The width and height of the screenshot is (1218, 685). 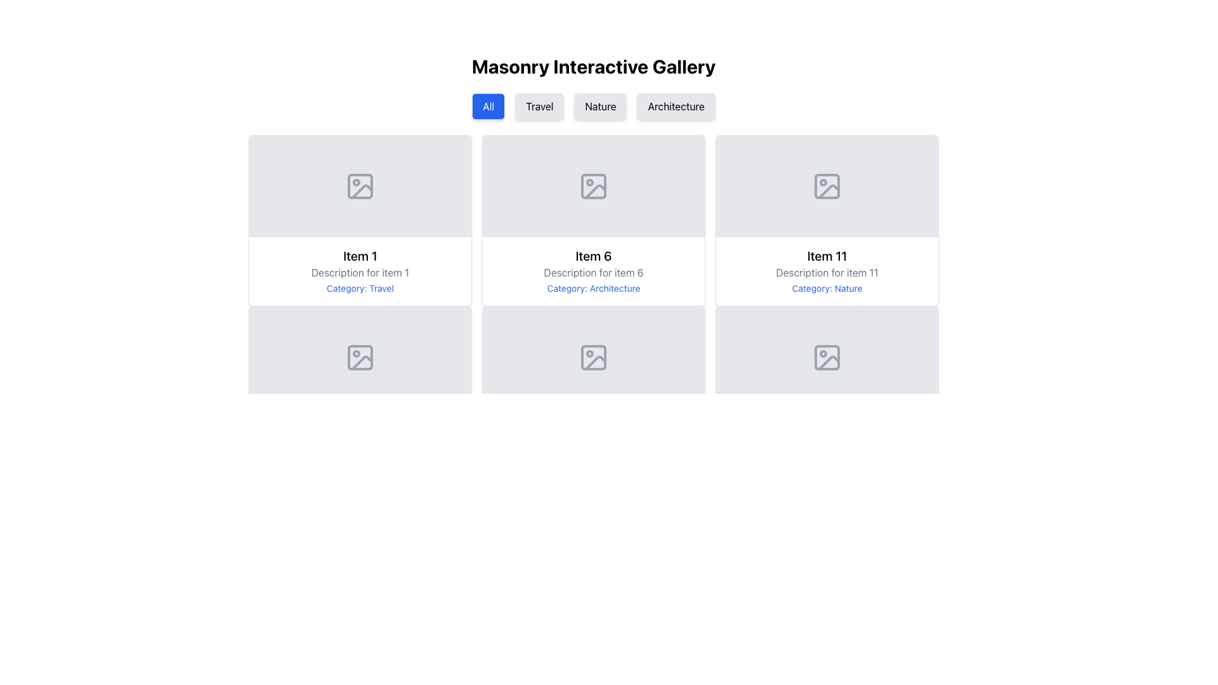 I want to click on the small gray picture icon located, so click(x=359, y=186).